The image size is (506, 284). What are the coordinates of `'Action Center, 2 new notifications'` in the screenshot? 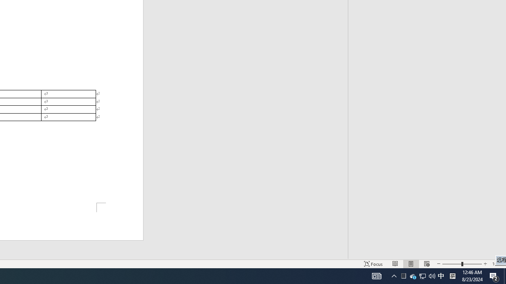 It's located at (497, 264).